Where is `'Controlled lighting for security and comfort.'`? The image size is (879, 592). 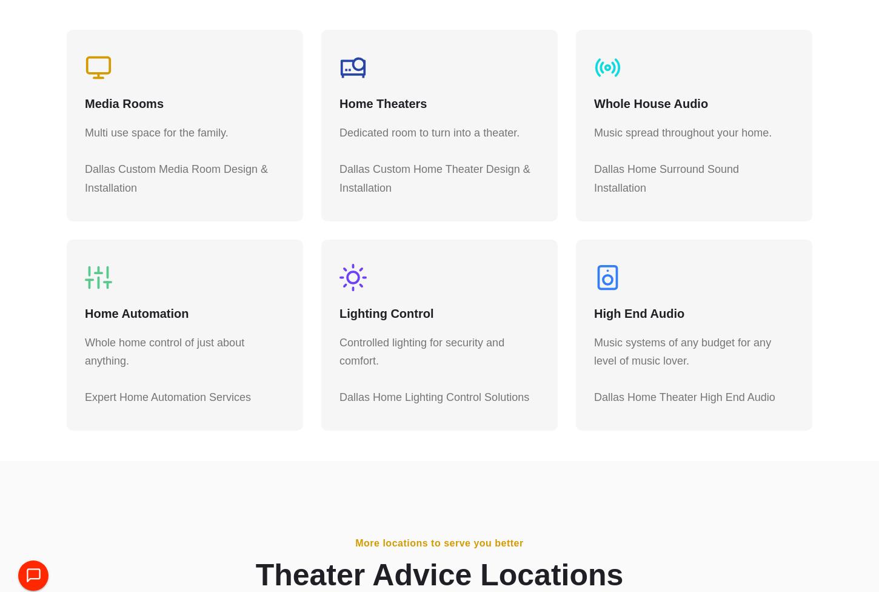
'Controlled lighting for security and comfort.' is located at coordinates (421, 357).